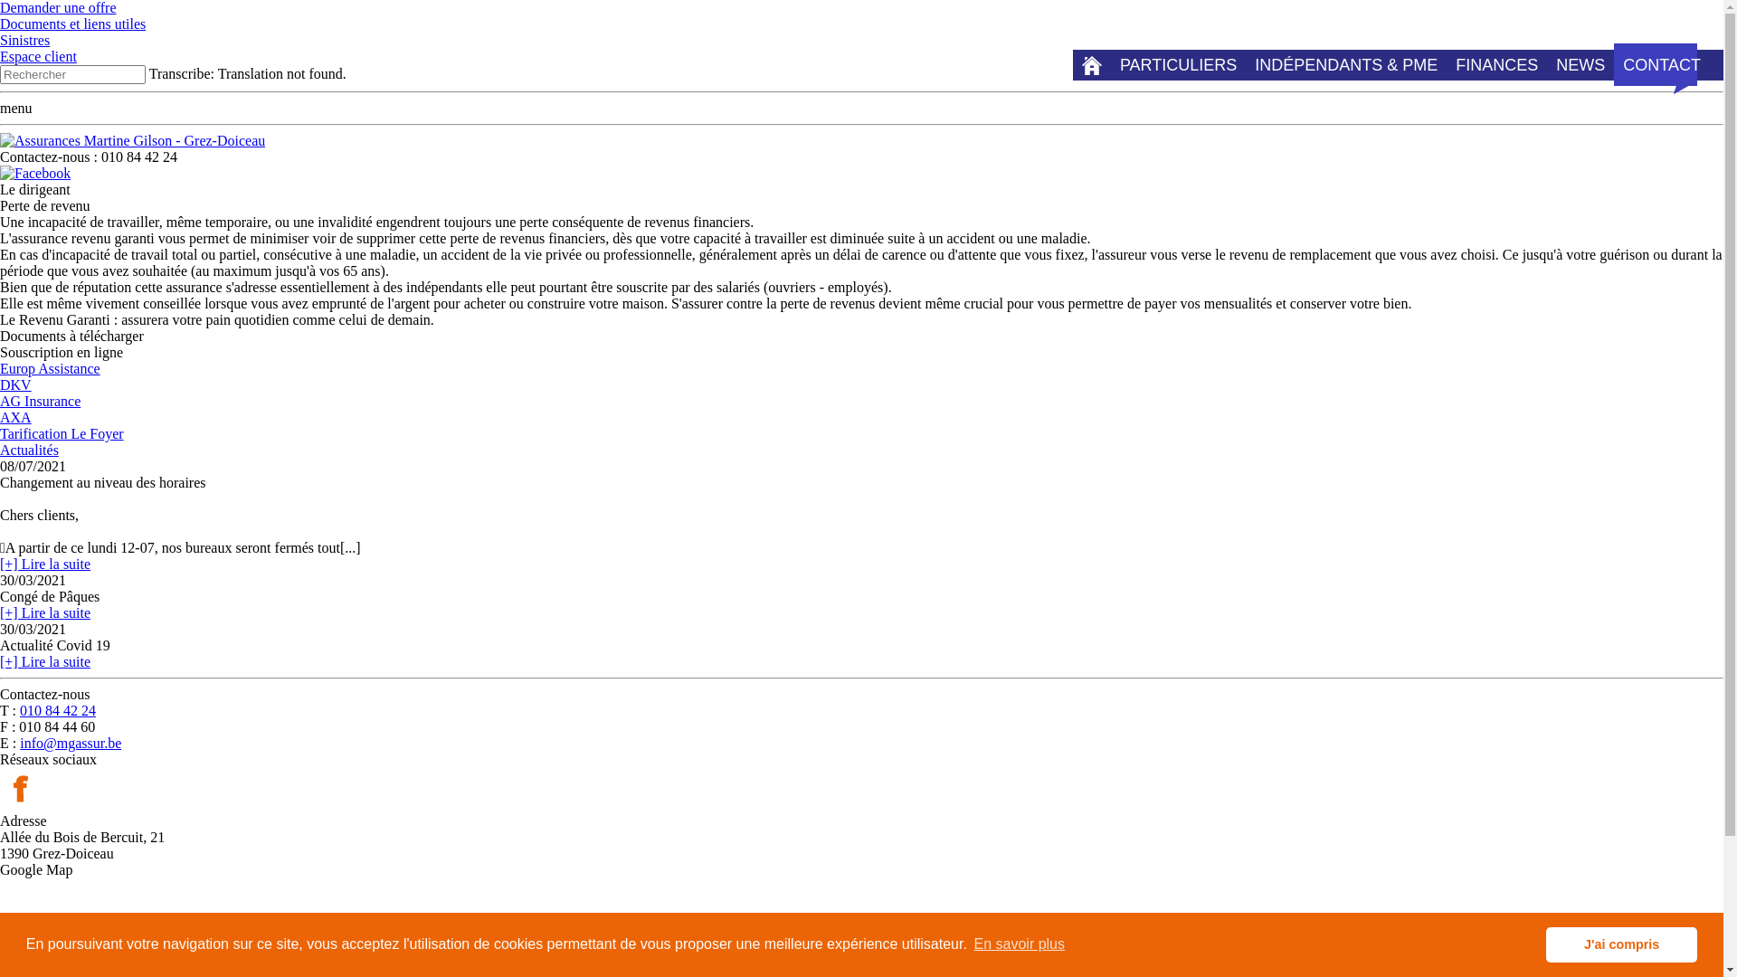  What do you see at coordinates (1621, 944) in the screenshot?
I see `'J'ai compris'` at bounding box center [1621, 944].